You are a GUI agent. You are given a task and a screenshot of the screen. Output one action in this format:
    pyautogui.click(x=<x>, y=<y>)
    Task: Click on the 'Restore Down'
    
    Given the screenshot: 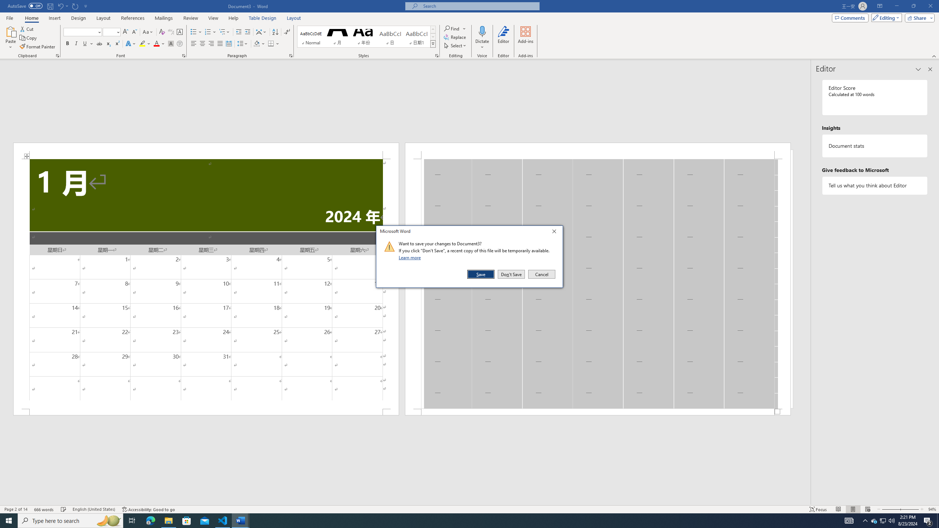 What is the action you would take?
    pyautogui.click(x=913, y=6)
    